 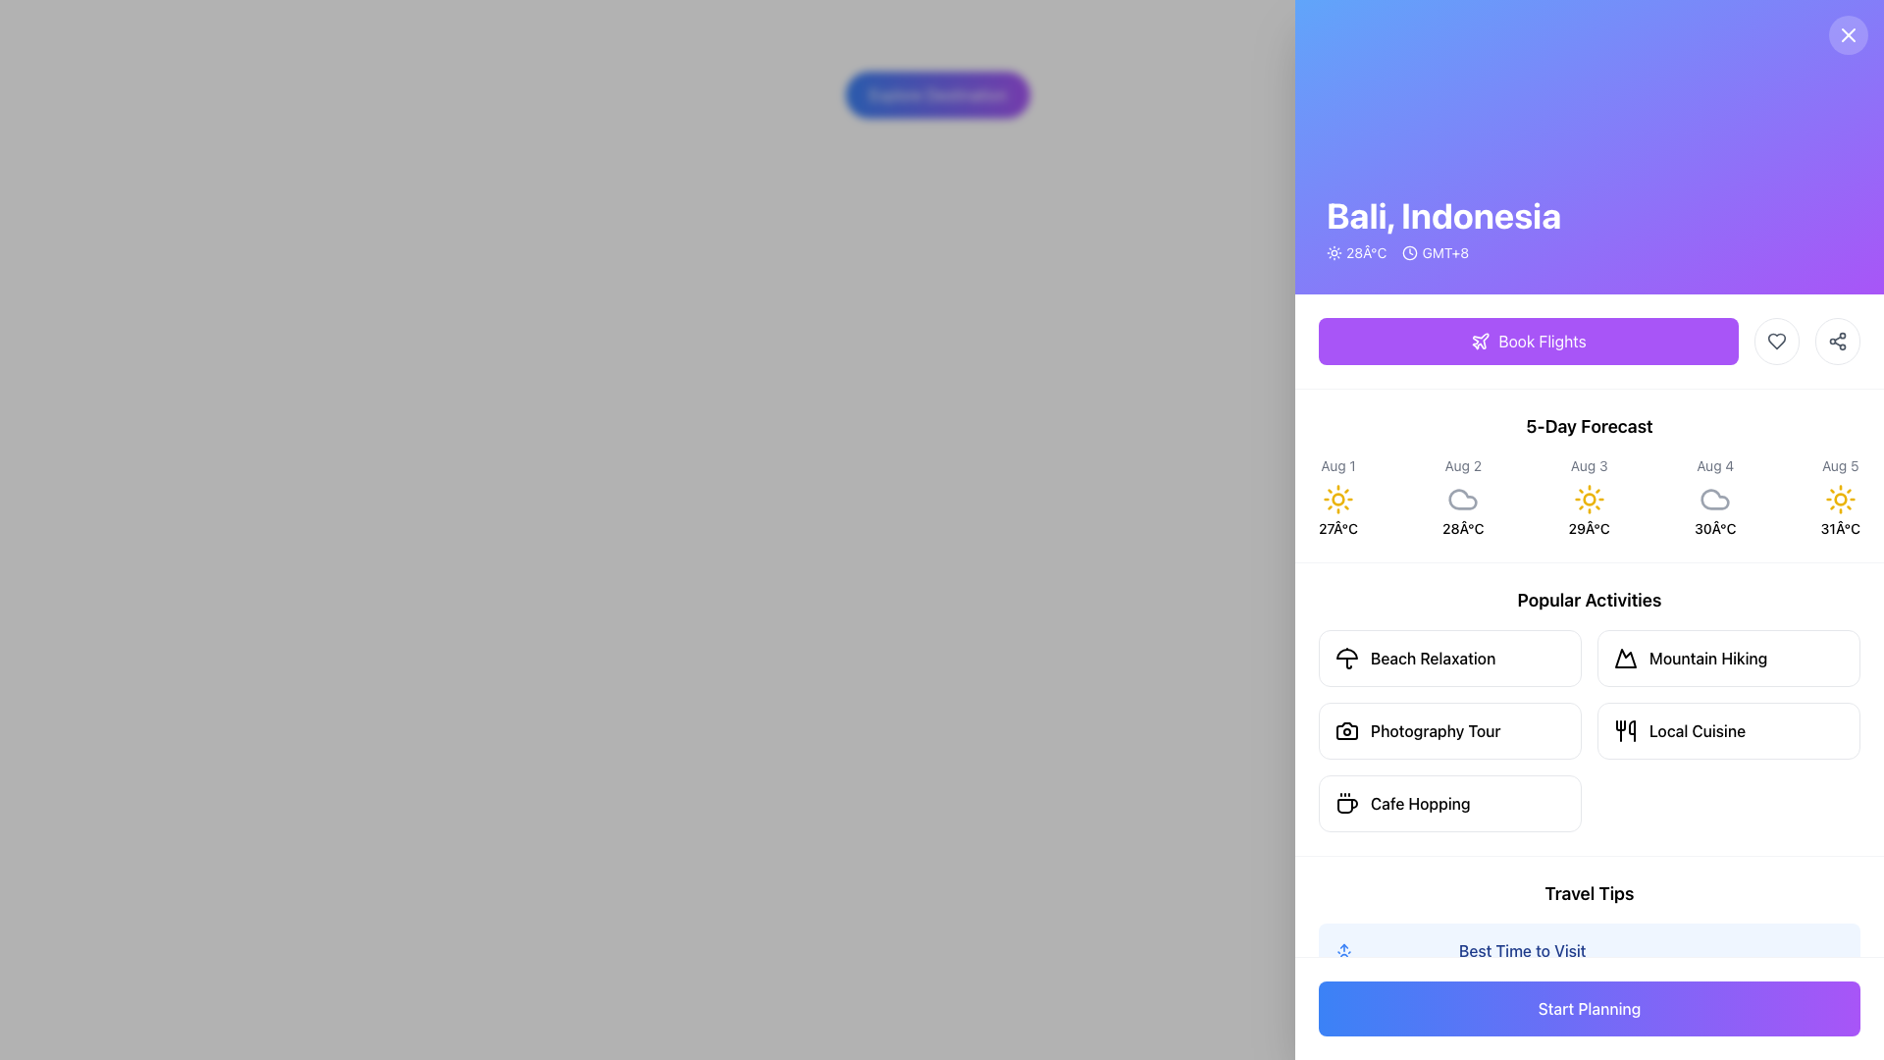 What do you see at coordinates (1463, 499) in the screenshot?
I see `the gray cloud icon located in the '5-Day Forecast' section, positioned below the date 'Aug 2' and above the temperature '28°C'` at bounding box center [1463, 499].